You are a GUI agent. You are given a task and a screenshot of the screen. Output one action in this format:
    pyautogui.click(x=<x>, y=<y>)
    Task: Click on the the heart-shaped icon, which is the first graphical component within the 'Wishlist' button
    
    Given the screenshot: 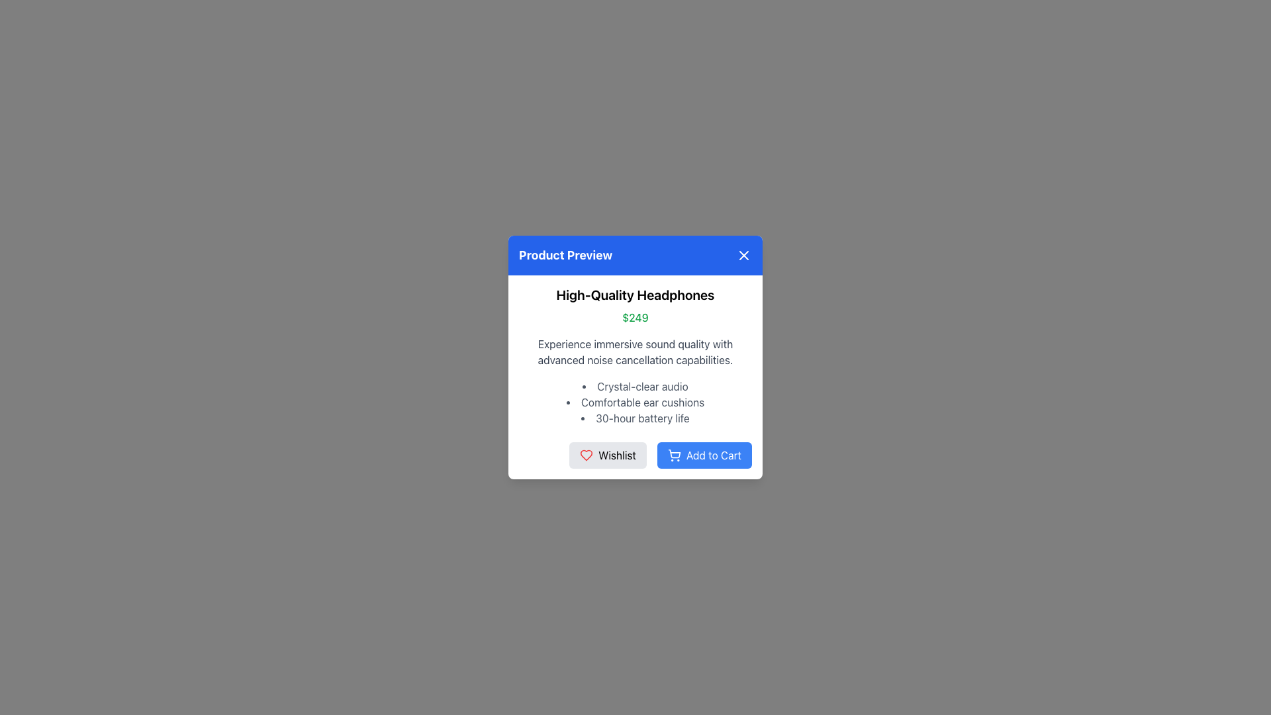 What is the action you would take?
    pyautogui.click(x=586, y=454)
    